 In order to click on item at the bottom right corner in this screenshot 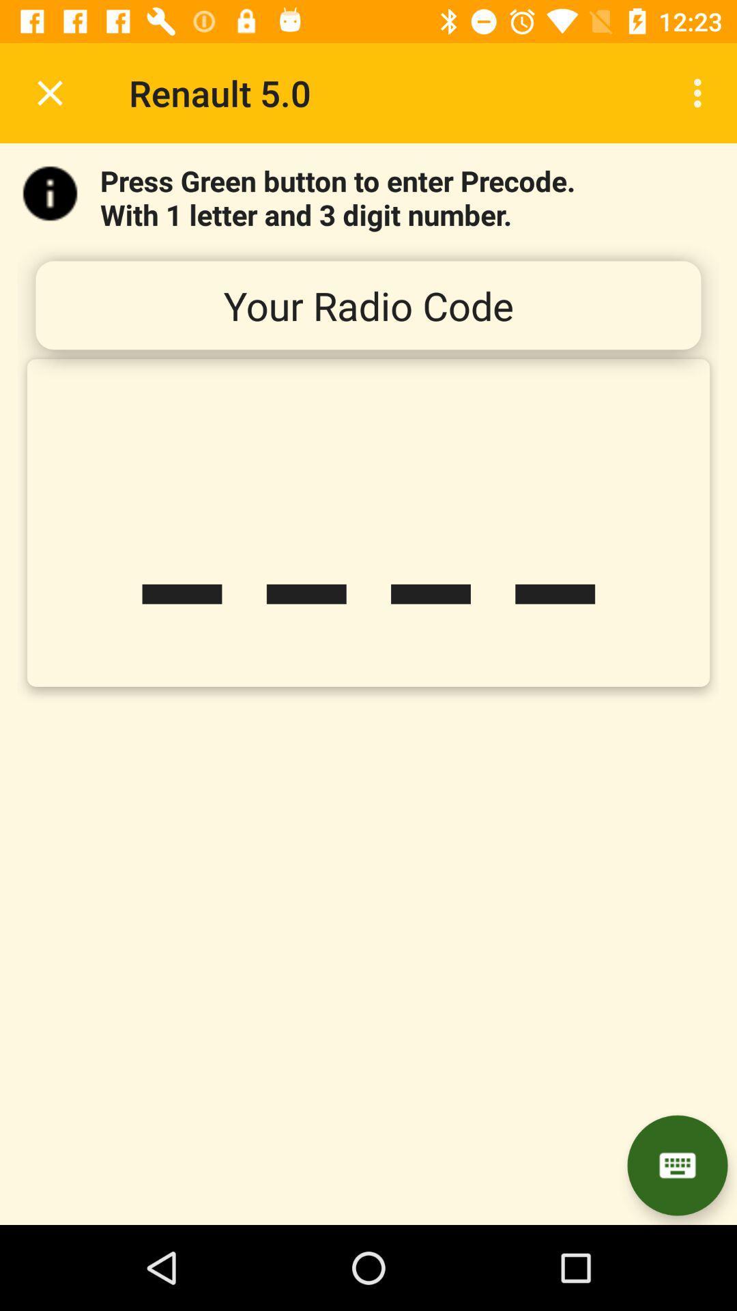, I will do `click(677, 1165)`.